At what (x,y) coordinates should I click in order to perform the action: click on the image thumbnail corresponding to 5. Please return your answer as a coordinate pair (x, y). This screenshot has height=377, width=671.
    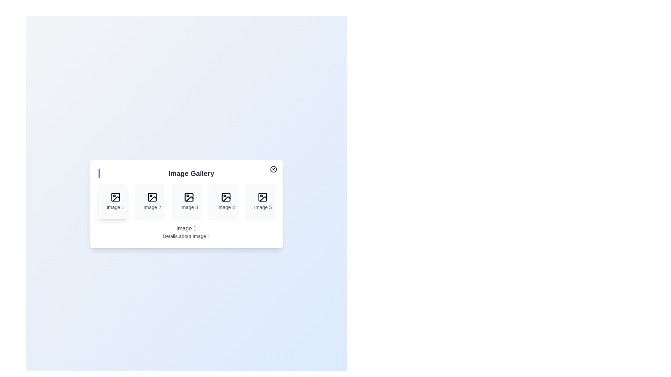
    Looking at the image, I should click on (260, 201).